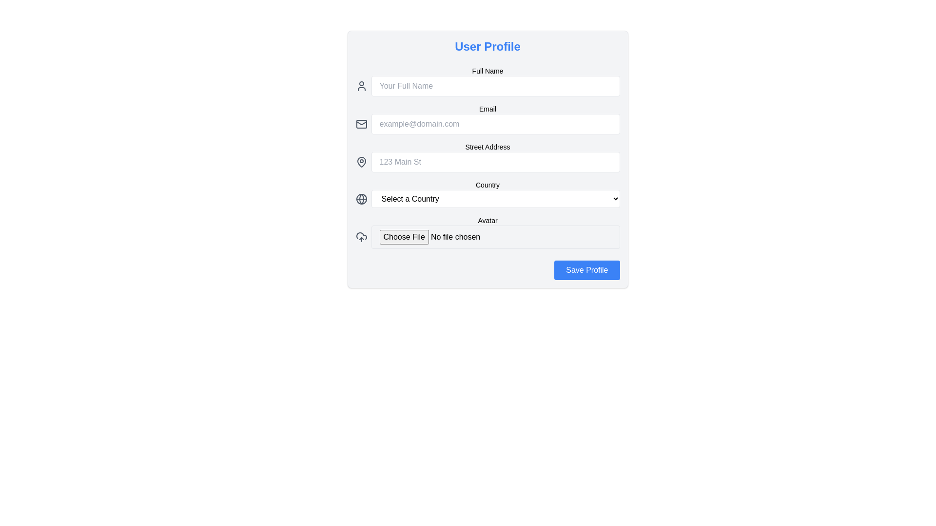 The width and height of the screenshot is (936, 526). I want to click on the 'Email' input field, which is the second field in the 'User Profile' section, so click(487, 119).